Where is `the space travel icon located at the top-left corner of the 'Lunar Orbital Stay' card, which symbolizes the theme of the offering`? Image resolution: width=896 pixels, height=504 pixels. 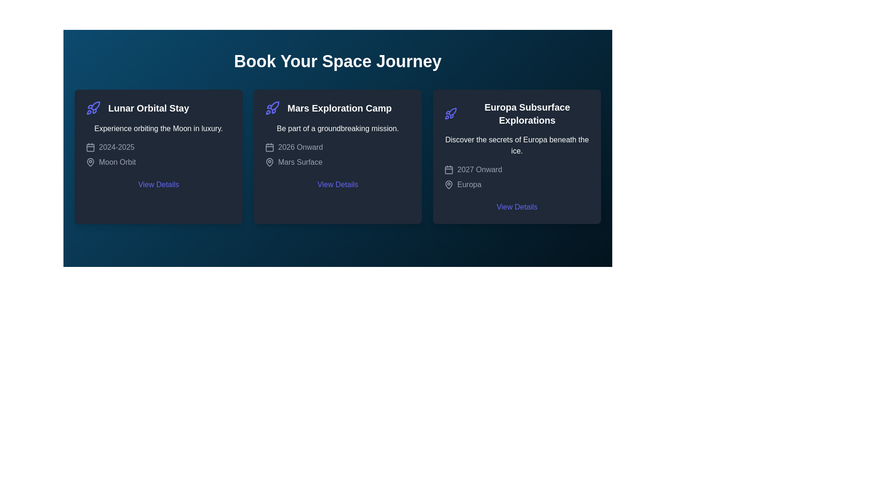
the space travel icon located at the top-left corner of the 'Lunar Orbital Stay' card, which symbolizes the theme of the offering is located at coordinates (93, 107).